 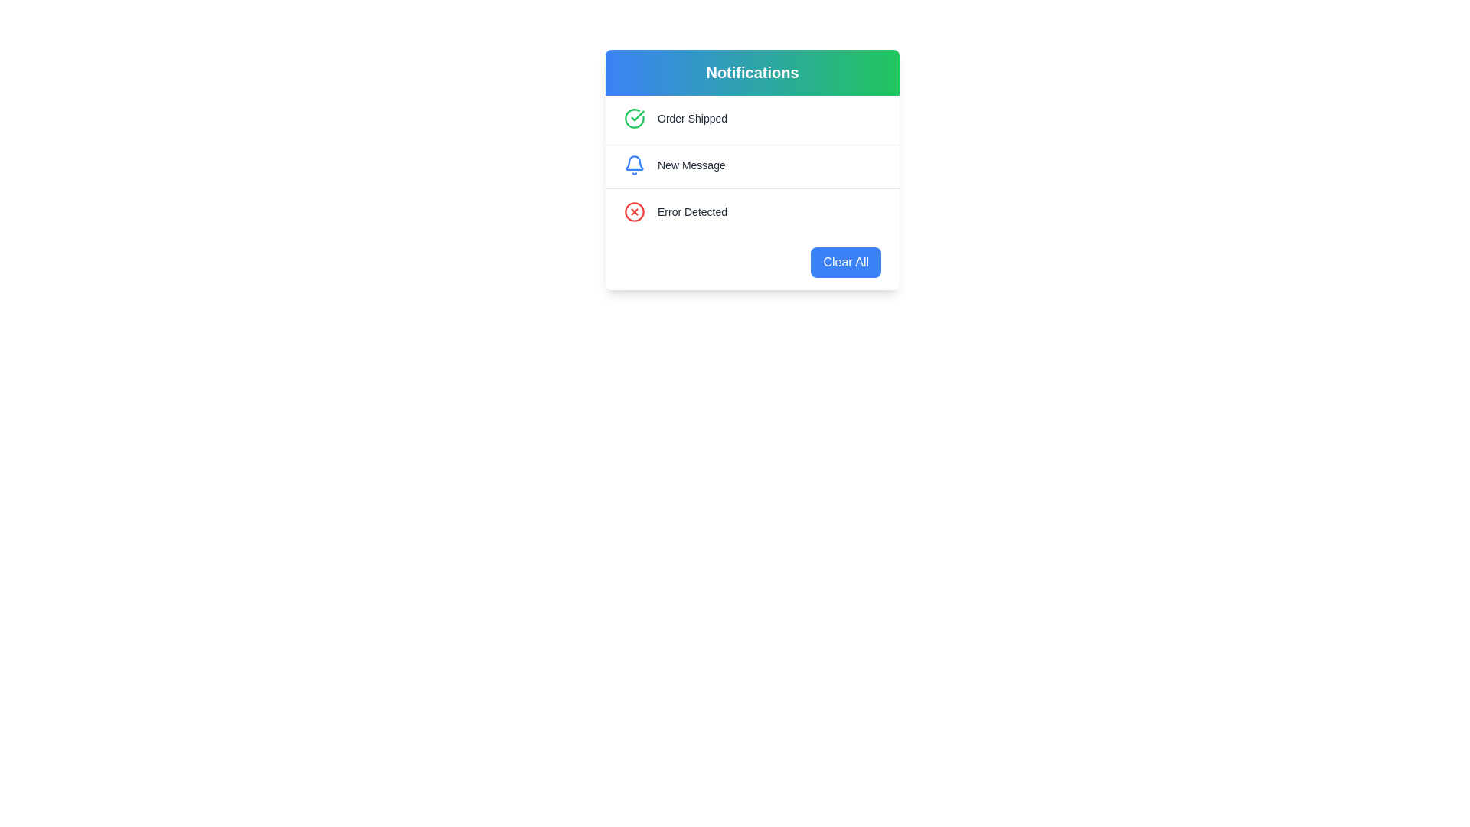 What do you see at coordinates (635, 212) in the screenshot?
I see `the circular icon in the third row of the notification box that indicates an error status, adjacent to the text 'Error Detected.'` at bounding box center [635, 212].